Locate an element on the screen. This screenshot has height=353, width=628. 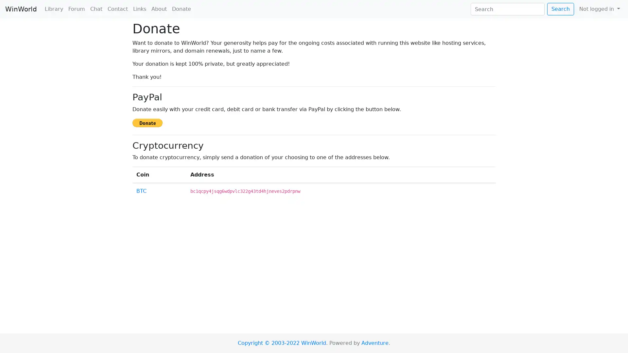
Search is located at coordinates (560, 9).